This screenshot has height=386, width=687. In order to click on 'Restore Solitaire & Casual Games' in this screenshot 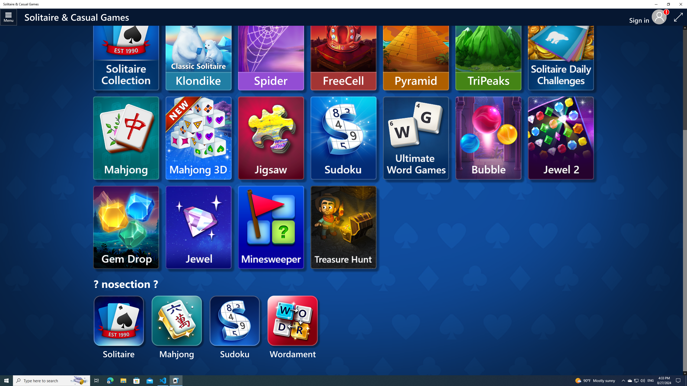, I will do `click(668, 4)`.